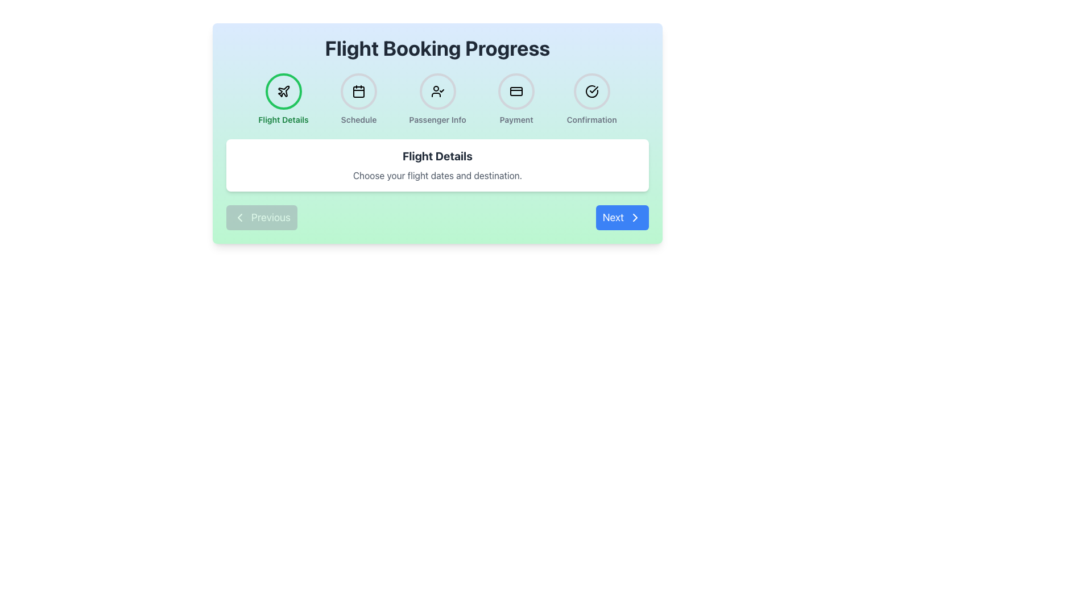  What do you see at coordinates (437, 91) in the screenshot?
I see `the 'Passenger Info' icon in the flight booking progress, which is centered within the third step of the progress bar` at bounding box center [437, 91].